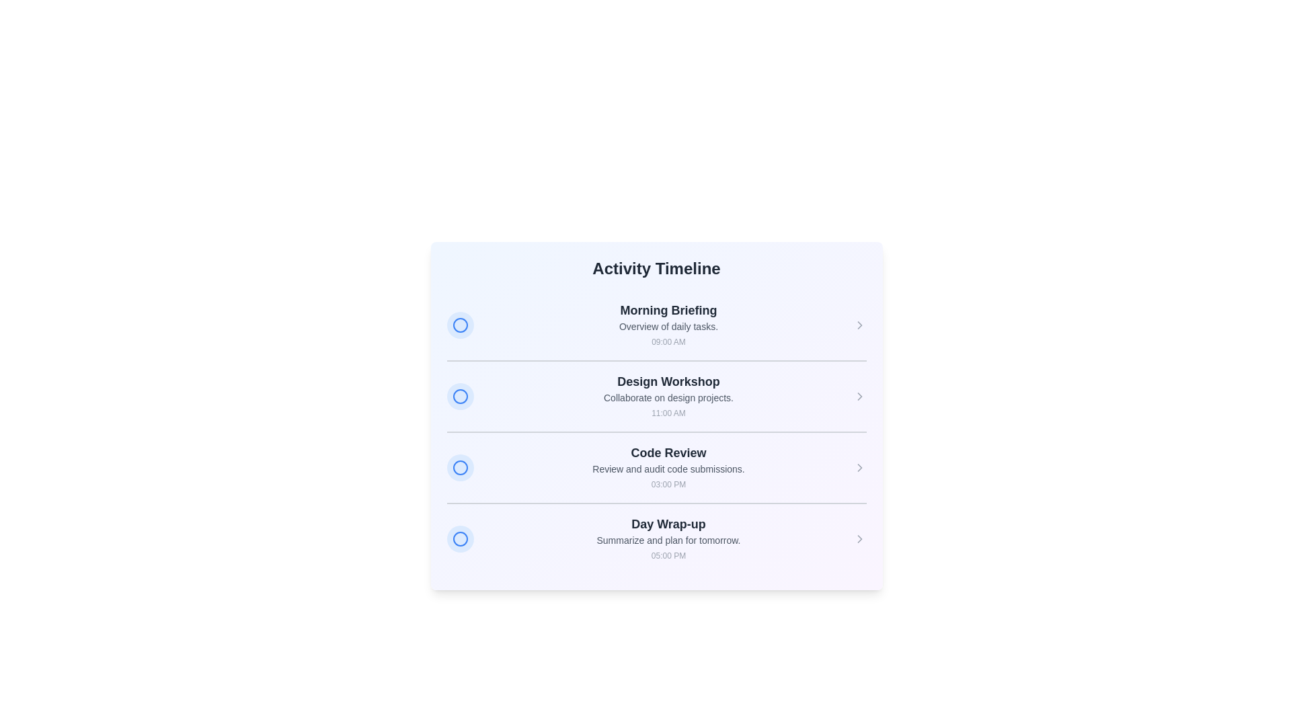 Image resolution: width=1291 pixels, height=726 pixels. What do you see at coordinates (656, 395) in the screenshot?
I see `the list item titled 'Design Workshop'` at bounding box center [656, 395].